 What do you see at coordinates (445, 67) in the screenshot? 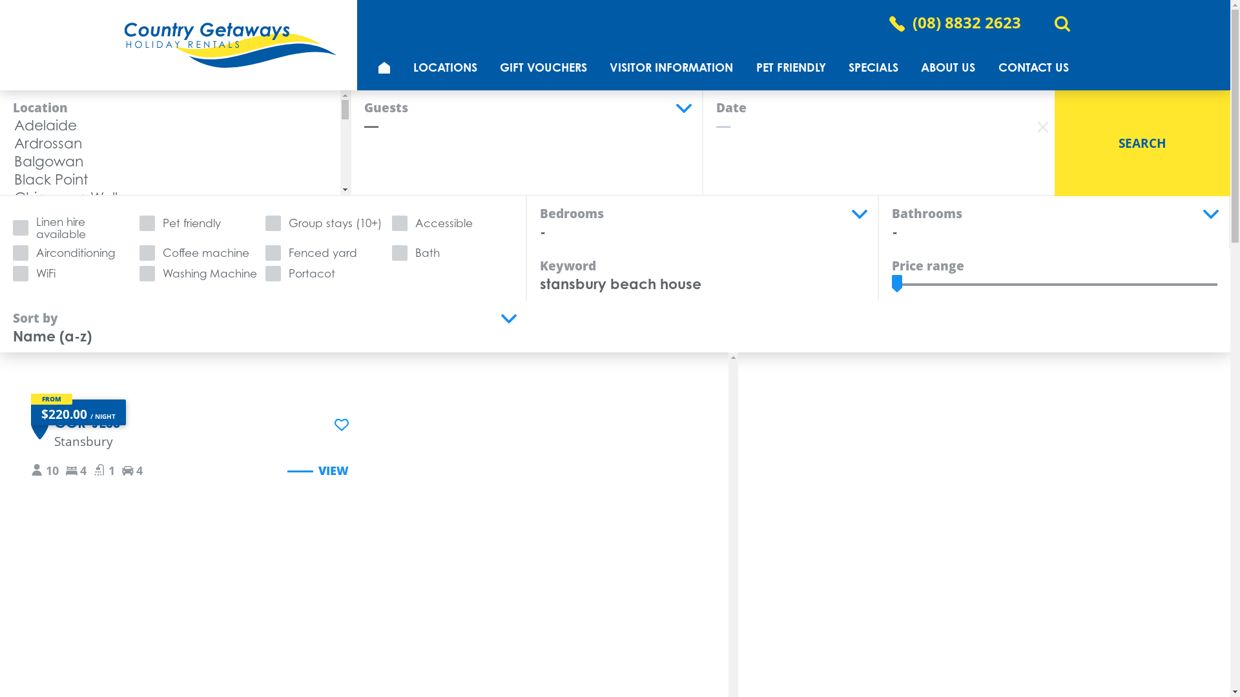
I see `'LOCATIONS'` at bounding box center [445, 67].